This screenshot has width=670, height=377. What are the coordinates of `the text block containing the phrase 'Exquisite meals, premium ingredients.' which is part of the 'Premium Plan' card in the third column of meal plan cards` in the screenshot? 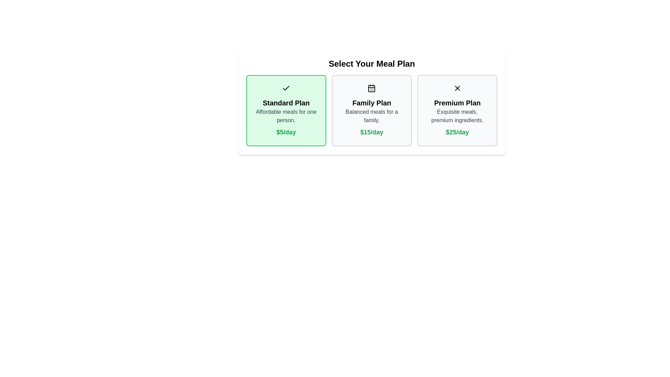 It's located at (457, 116).